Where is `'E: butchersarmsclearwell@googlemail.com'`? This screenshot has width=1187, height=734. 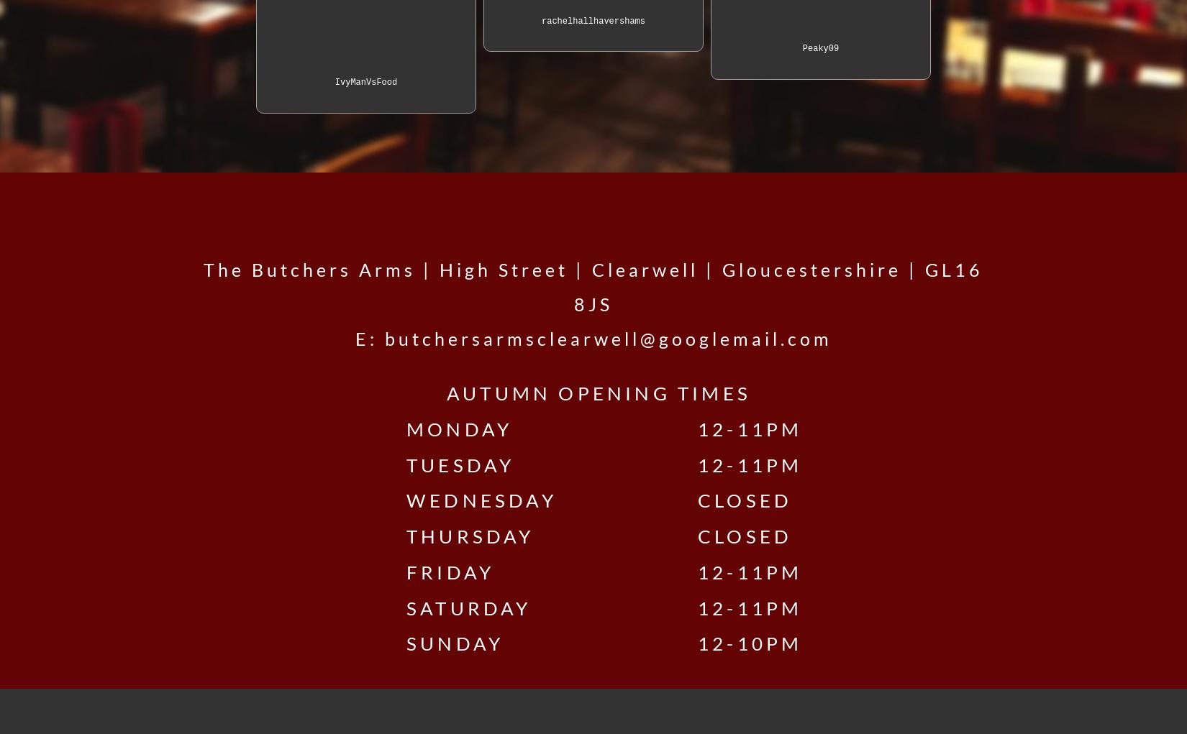 'E: butchersarmsclearwell@googlemail.com' is located at coordinates (592, 337).